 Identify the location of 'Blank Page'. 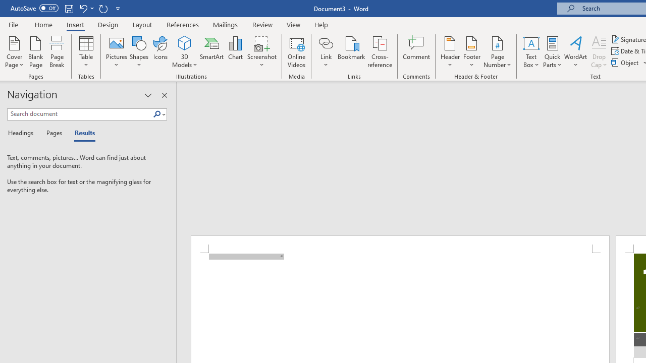
(36, 52).